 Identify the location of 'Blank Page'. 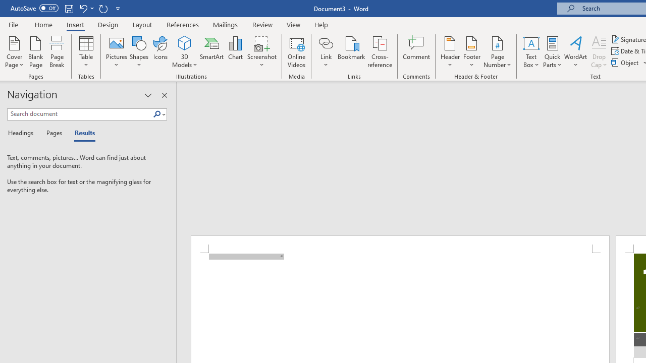
(36, 52).